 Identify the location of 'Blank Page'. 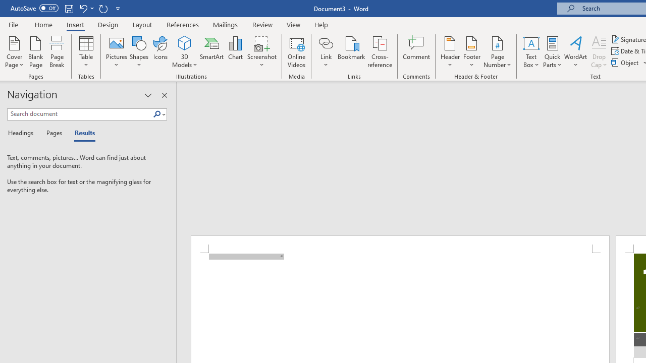
(36, 52).